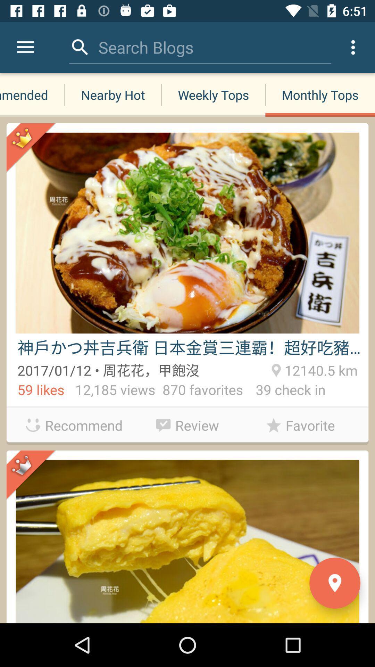 This screenshot has width=375, height=667. Describe the element at coordinates (32, 94) in the screenshot. I see `icon to the left of nearby hot item` at that location.